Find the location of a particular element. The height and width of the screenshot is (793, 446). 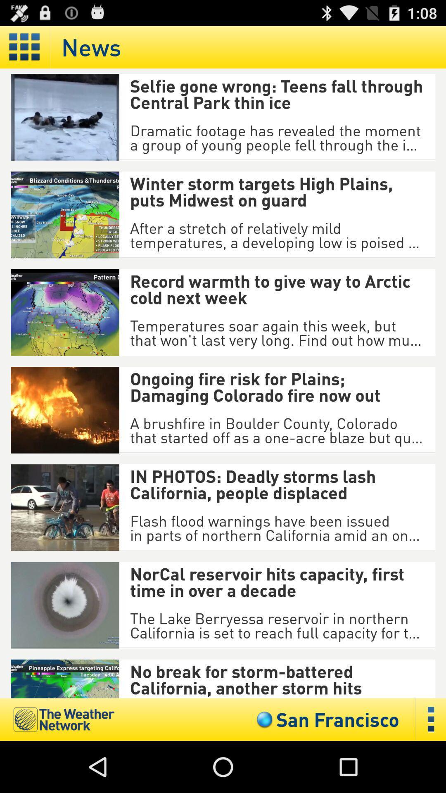

show tiles is located at coordinates (24, 47).